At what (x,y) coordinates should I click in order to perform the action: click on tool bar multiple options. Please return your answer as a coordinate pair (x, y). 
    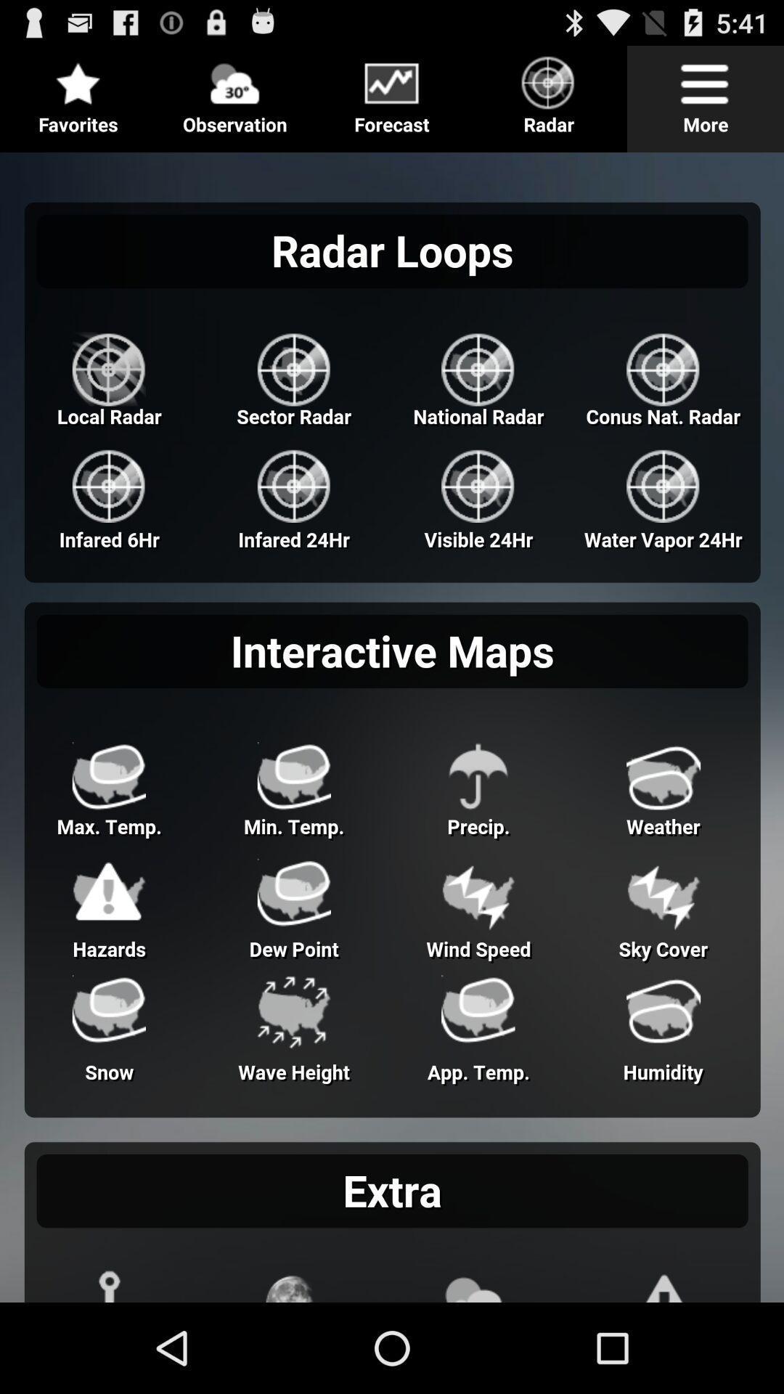
    Looking at the image, I should click on (392, 92).